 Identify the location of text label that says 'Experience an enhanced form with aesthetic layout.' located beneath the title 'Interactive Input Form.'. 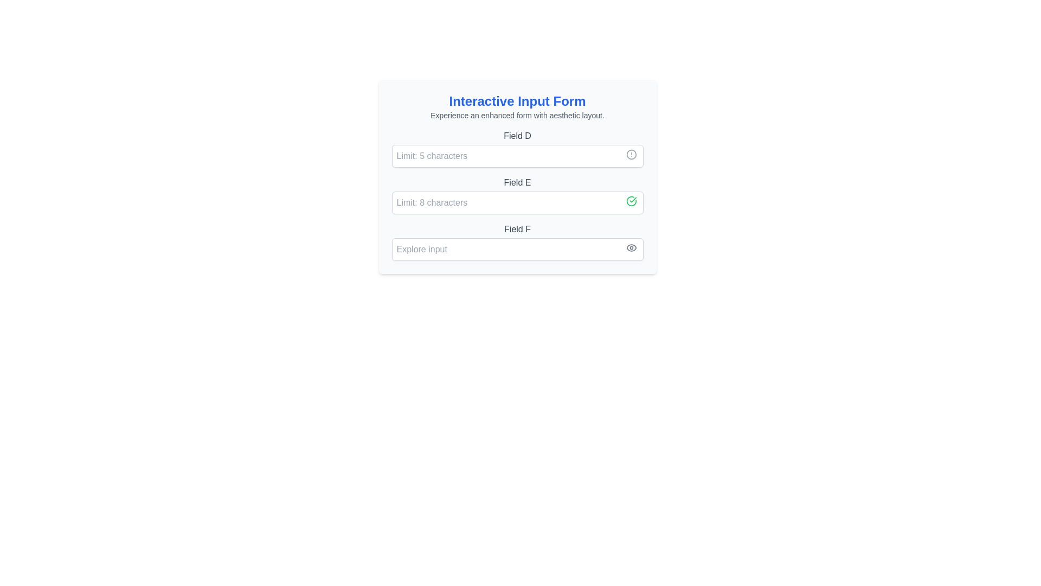
(517, 115).